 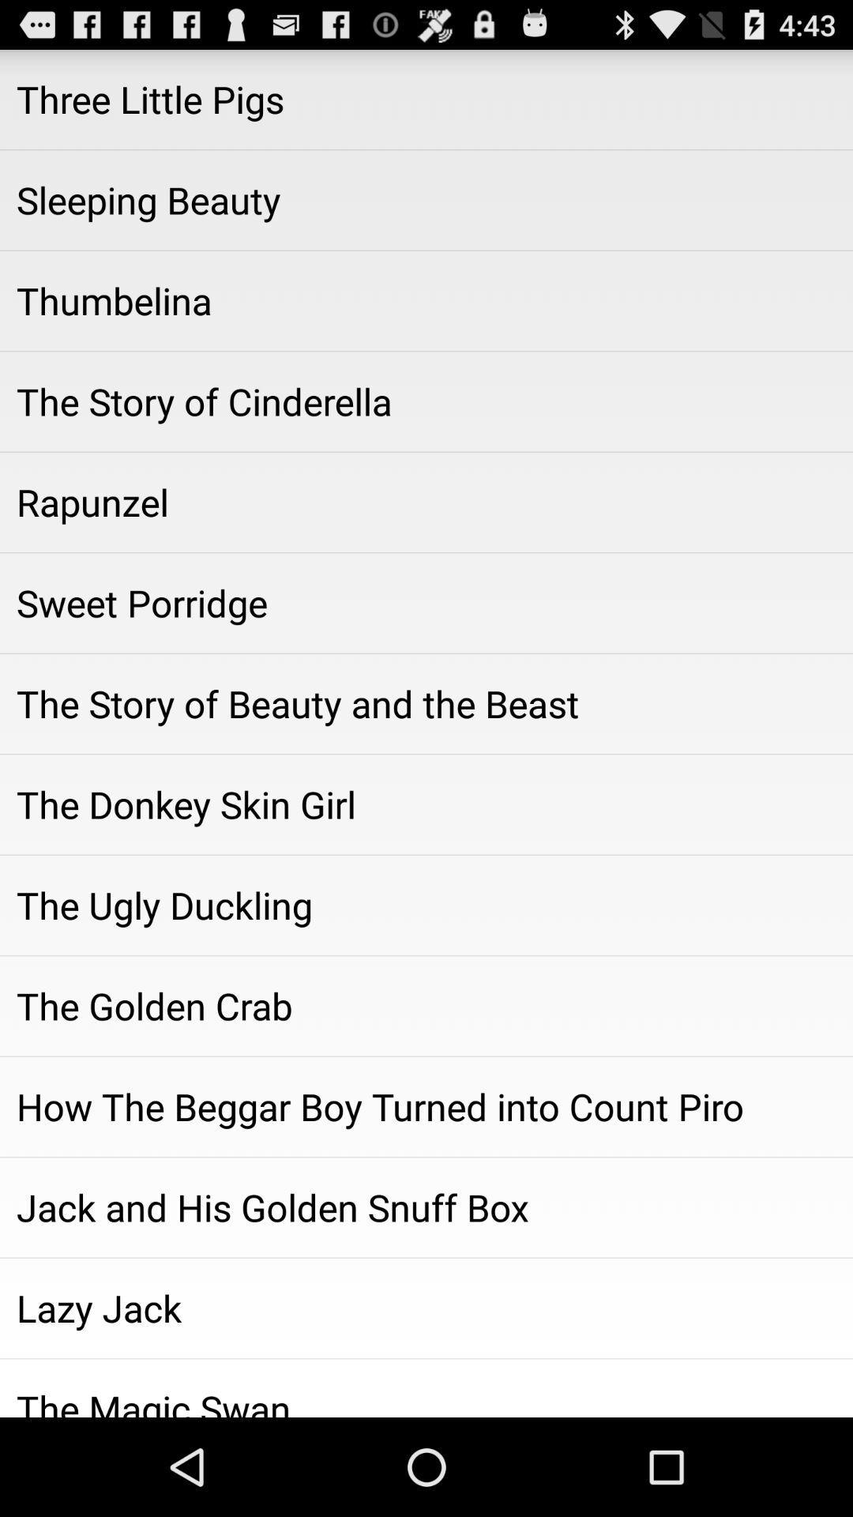 I want to click on jack and his icon, so click(x=426, y=1206).